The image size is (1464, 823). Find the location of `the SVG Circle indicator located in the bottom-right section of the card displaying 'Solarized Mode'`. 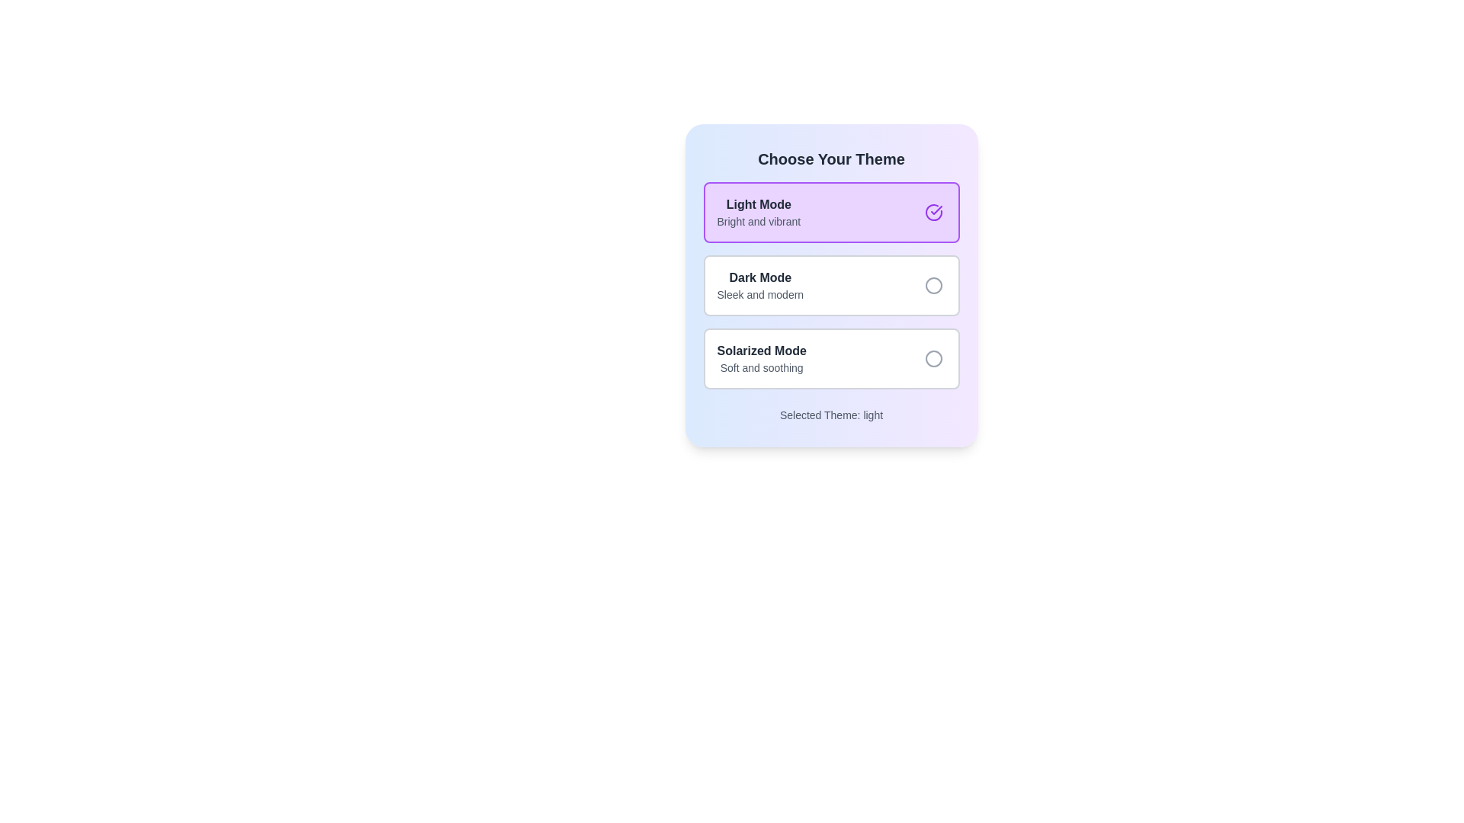

the SVG Circle indicator located in the bottom-right section of the card displaying 'Solarized Mode' is located at coordinates (933, 358).